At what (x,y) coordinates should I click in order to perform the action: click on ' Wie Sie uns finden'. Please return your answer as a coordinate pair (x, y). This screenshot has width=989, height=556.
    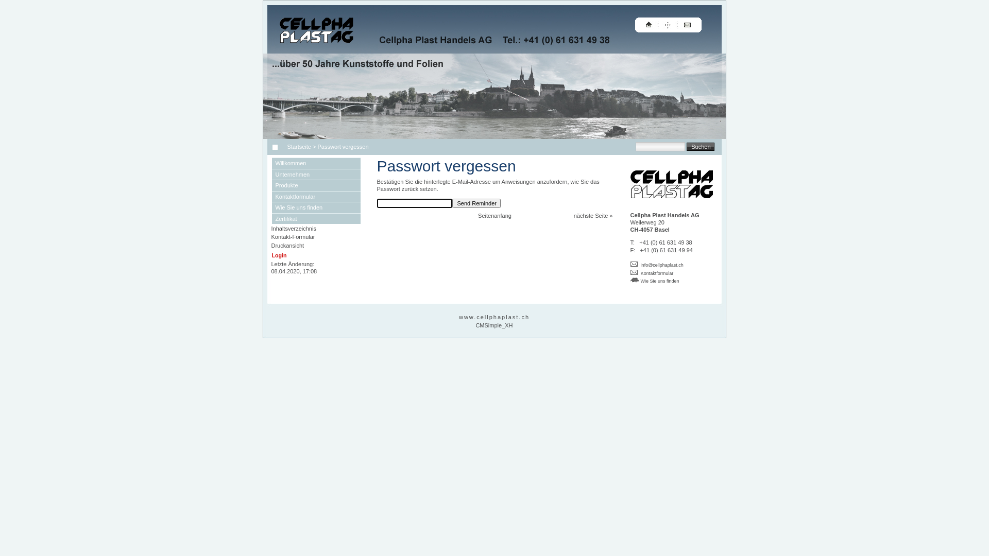
    Looking at the image, I should click on (654, 280).